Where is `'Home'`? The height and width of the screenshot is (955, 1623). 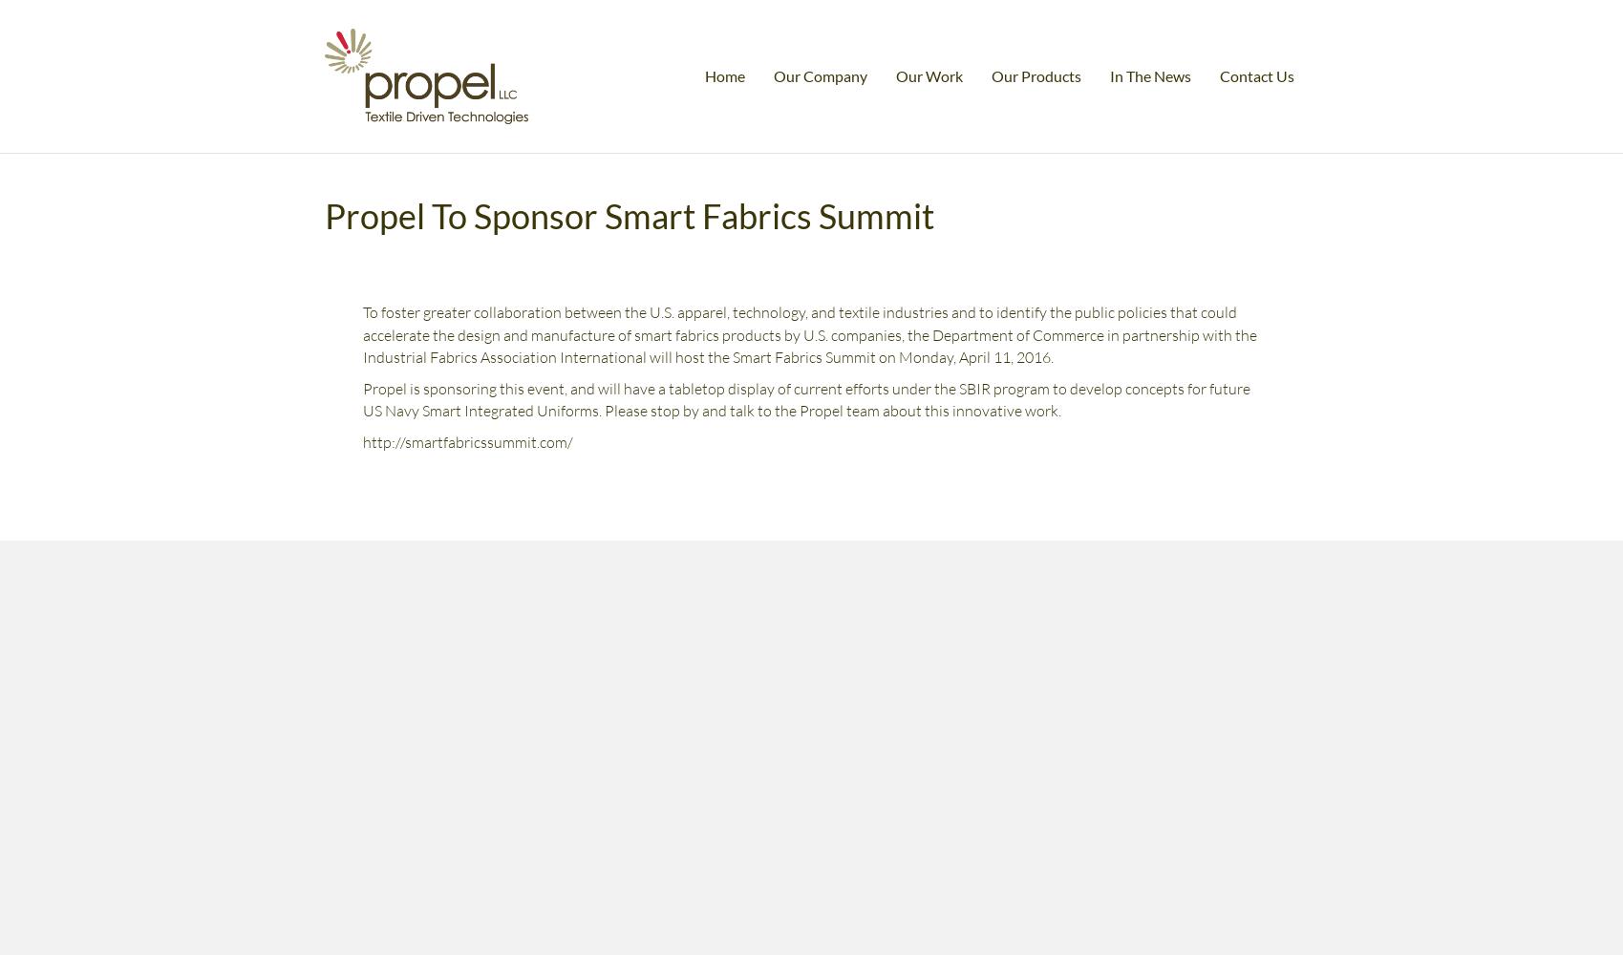
'Home' is located at coordinates (724, 74).